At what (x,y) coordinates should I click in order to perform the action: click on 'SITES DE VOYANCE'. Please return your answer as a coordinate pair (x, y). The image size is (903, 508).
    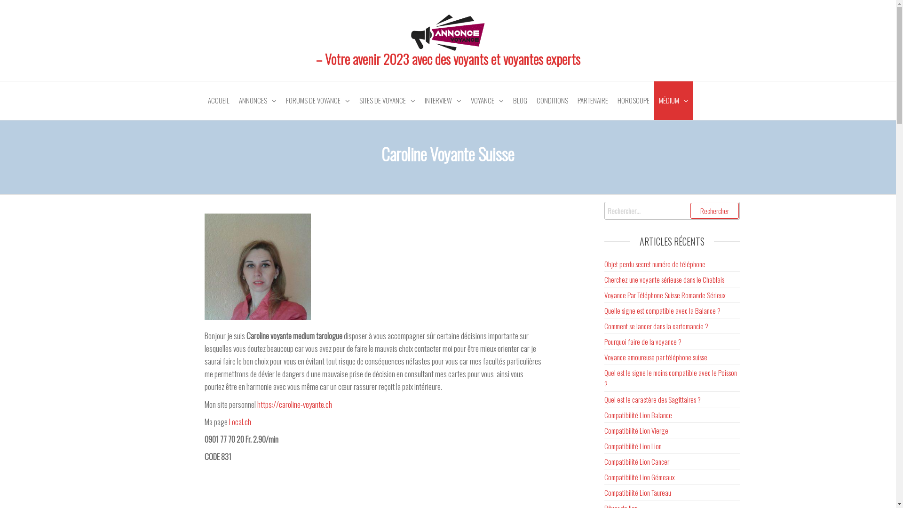
    Looking at the image, I should click on (387, 100).